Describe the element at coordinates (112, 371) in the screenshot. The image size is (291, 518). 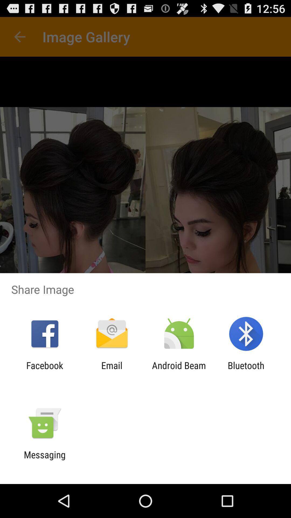
I see `item next to facebook` at that location.